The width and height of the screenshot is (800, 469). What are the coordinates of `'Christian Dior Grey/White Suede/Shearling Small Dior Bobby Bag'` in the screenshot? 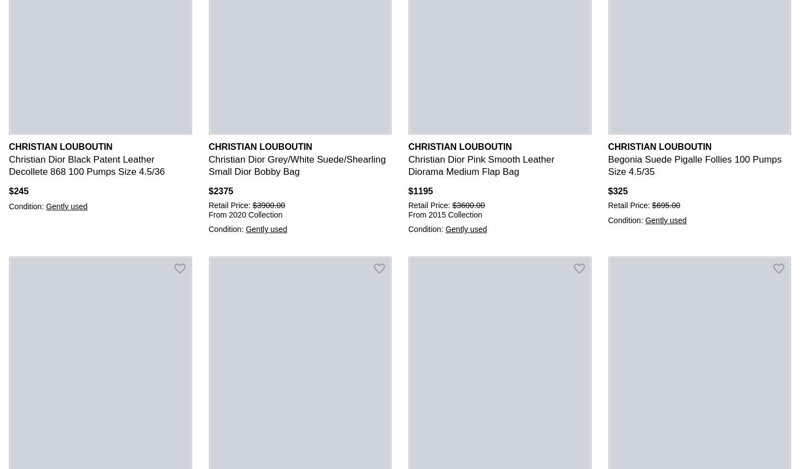 It's located at (296, 165).